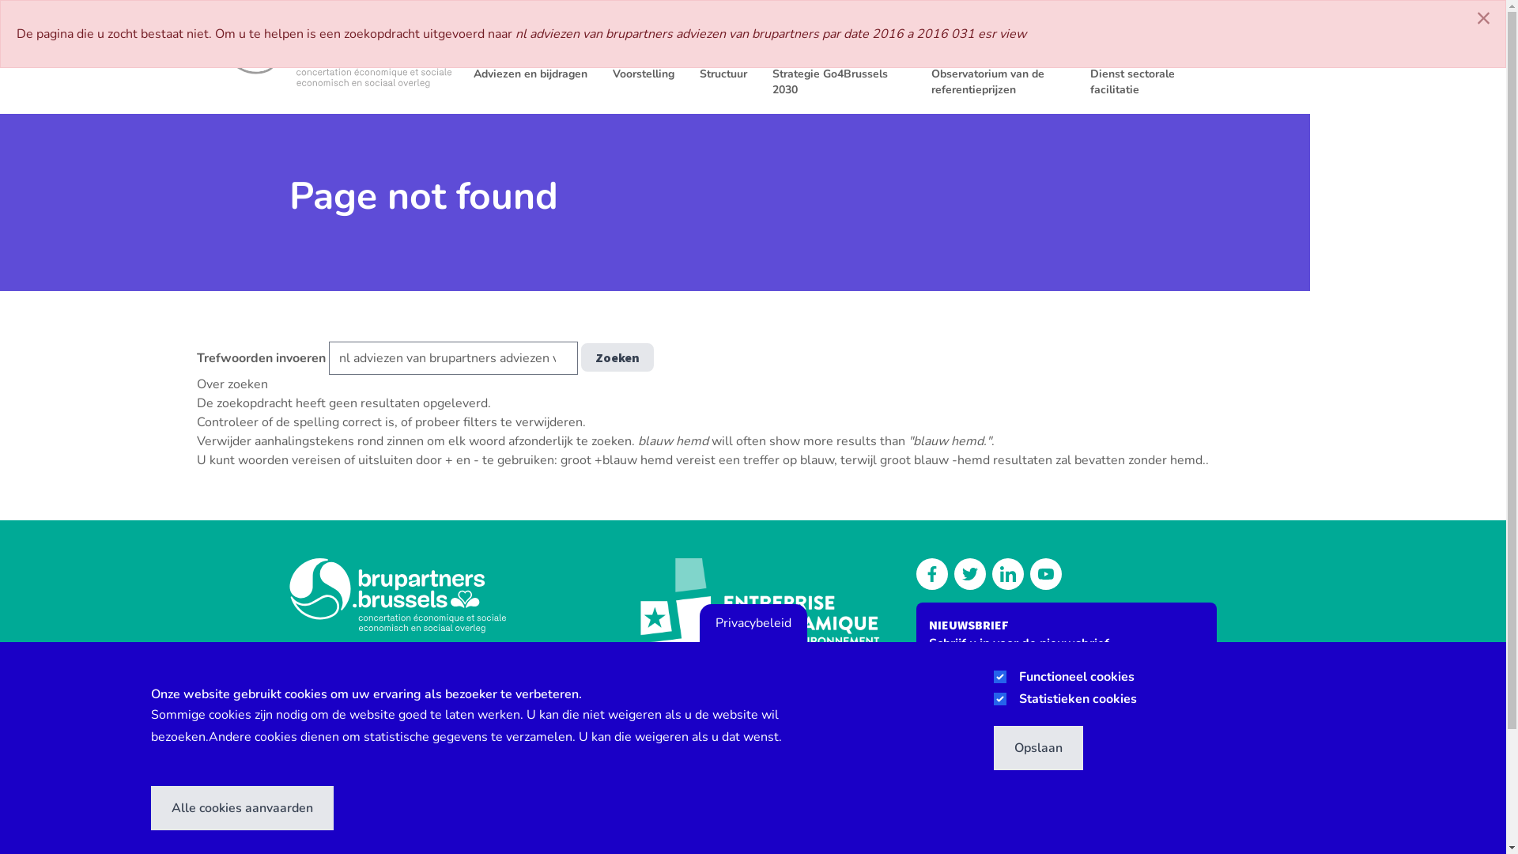  I want to click on 'Follow us on Twitter', so click(969, 573).